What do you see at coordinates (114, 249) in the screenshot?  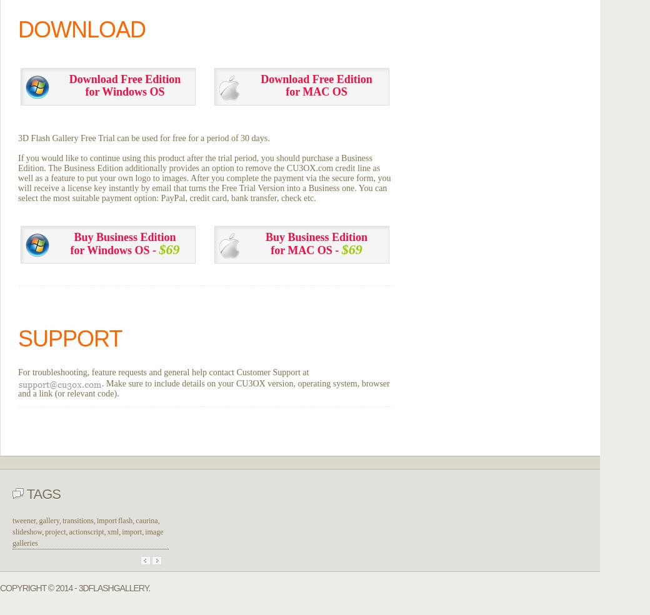 I see `'for Windows OS -'` at bounding box center [114, 249].